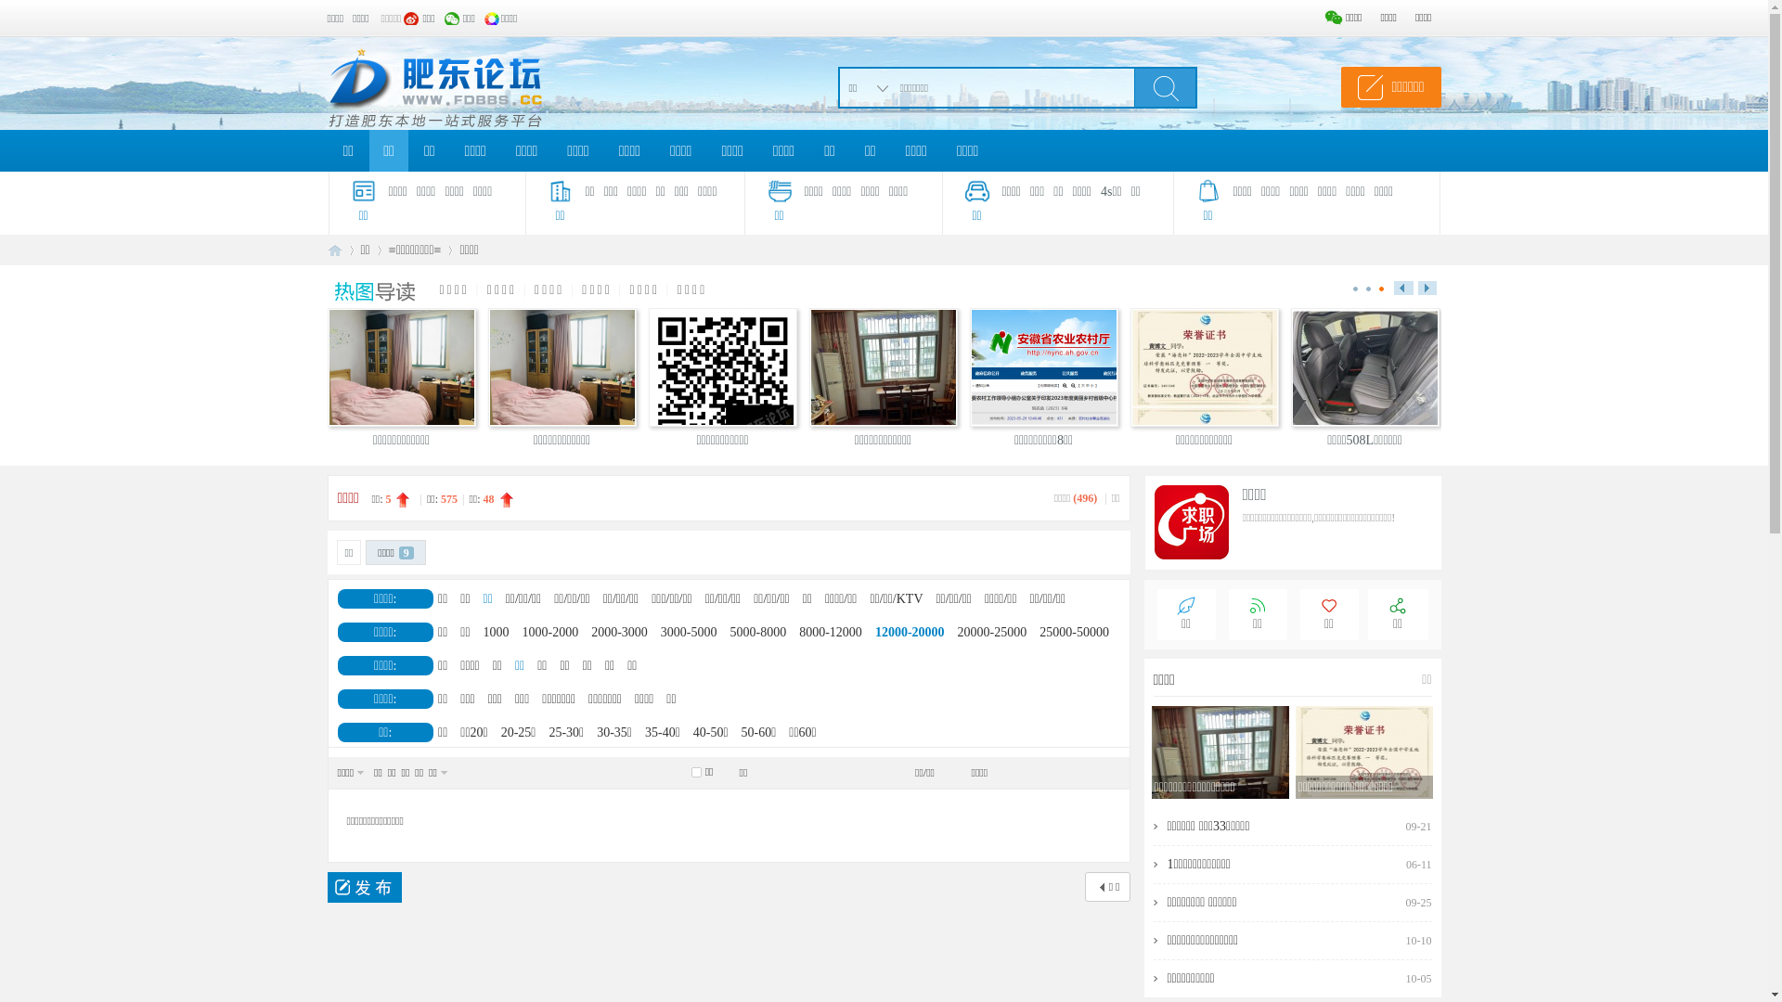 The width and height of the screenshot is (1782, 1002). Describe the element at coordinates (991, 631) in the screenshot. I see `'20000-25000'` at that location.